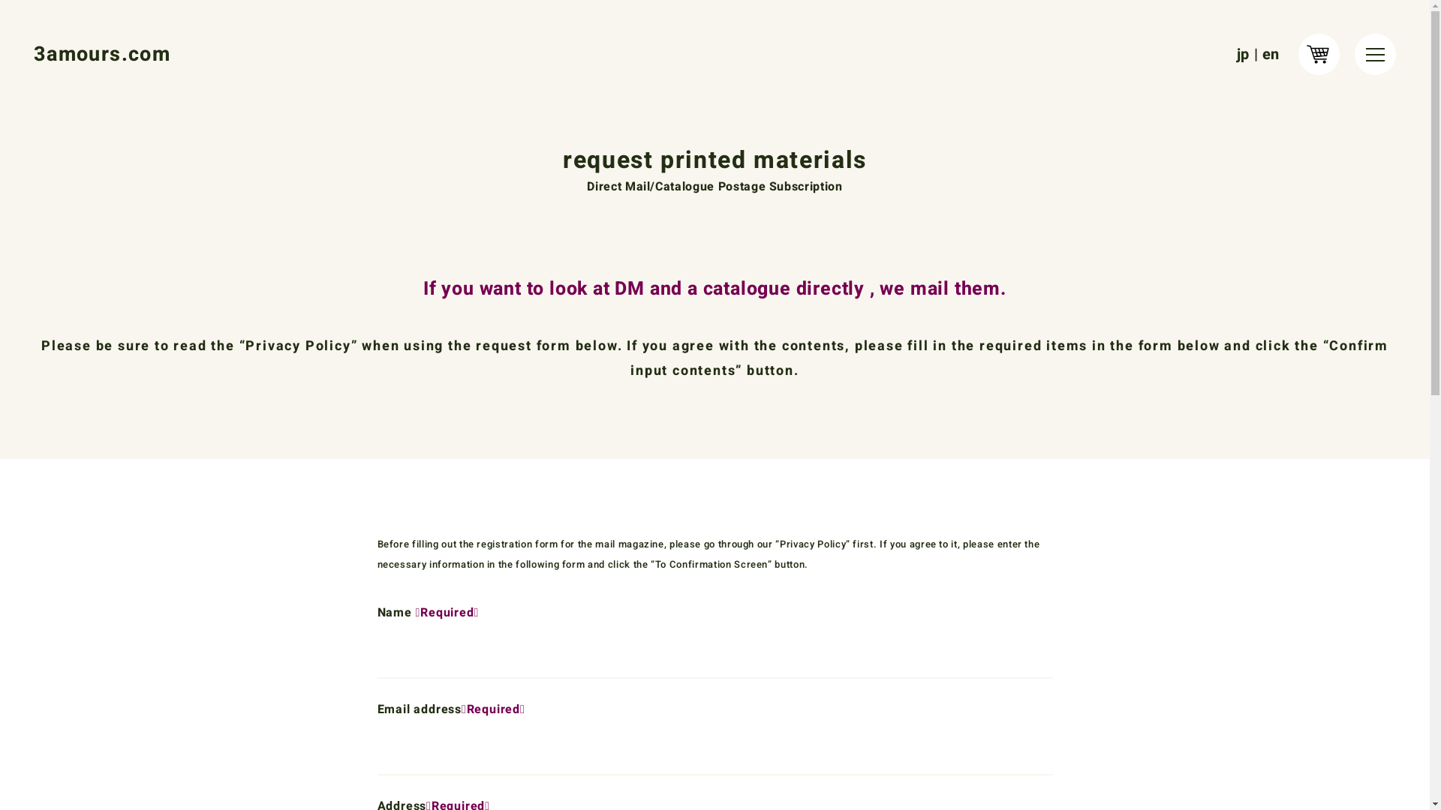  I want to click on '3amours.com', so click(101, 53).